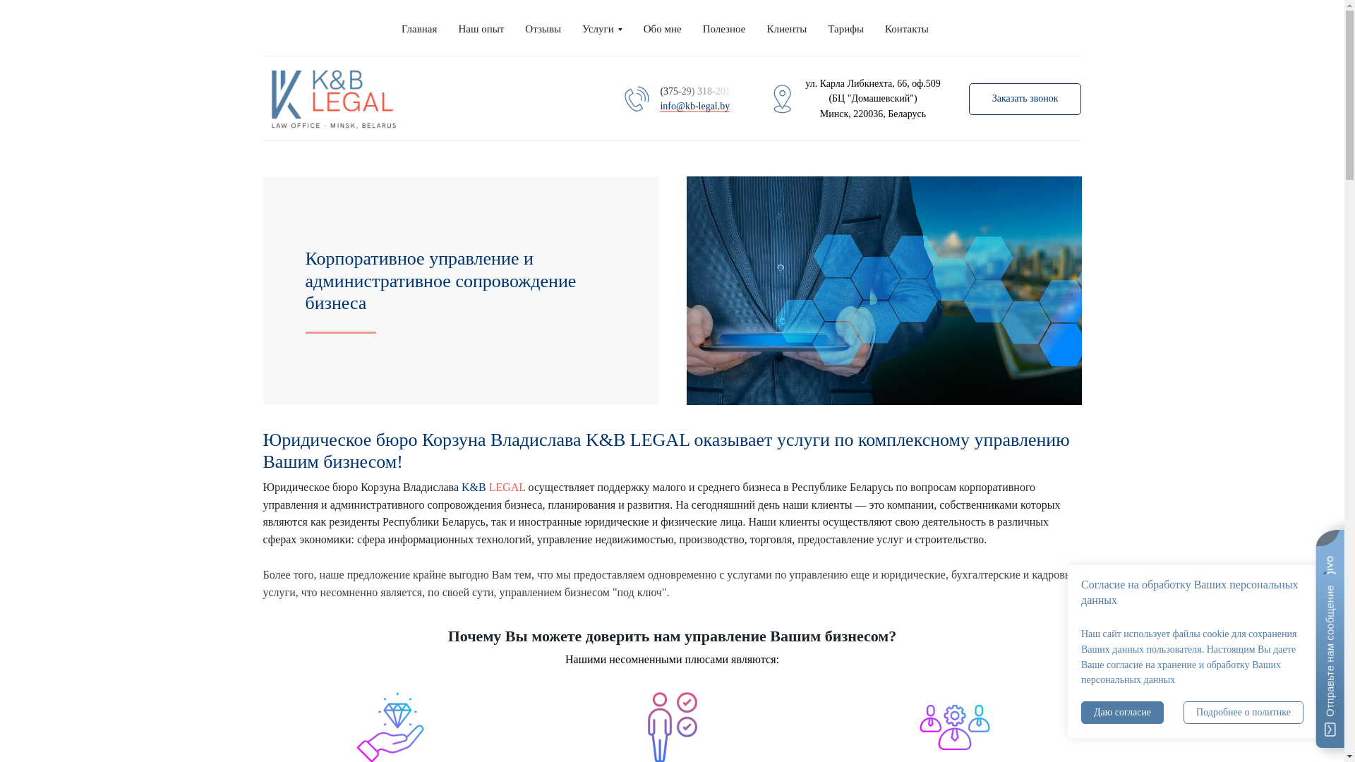 The height and width of the screenshot is (762, 1355). I want to click on '(375-29) 318-201-', so click(699, 91).